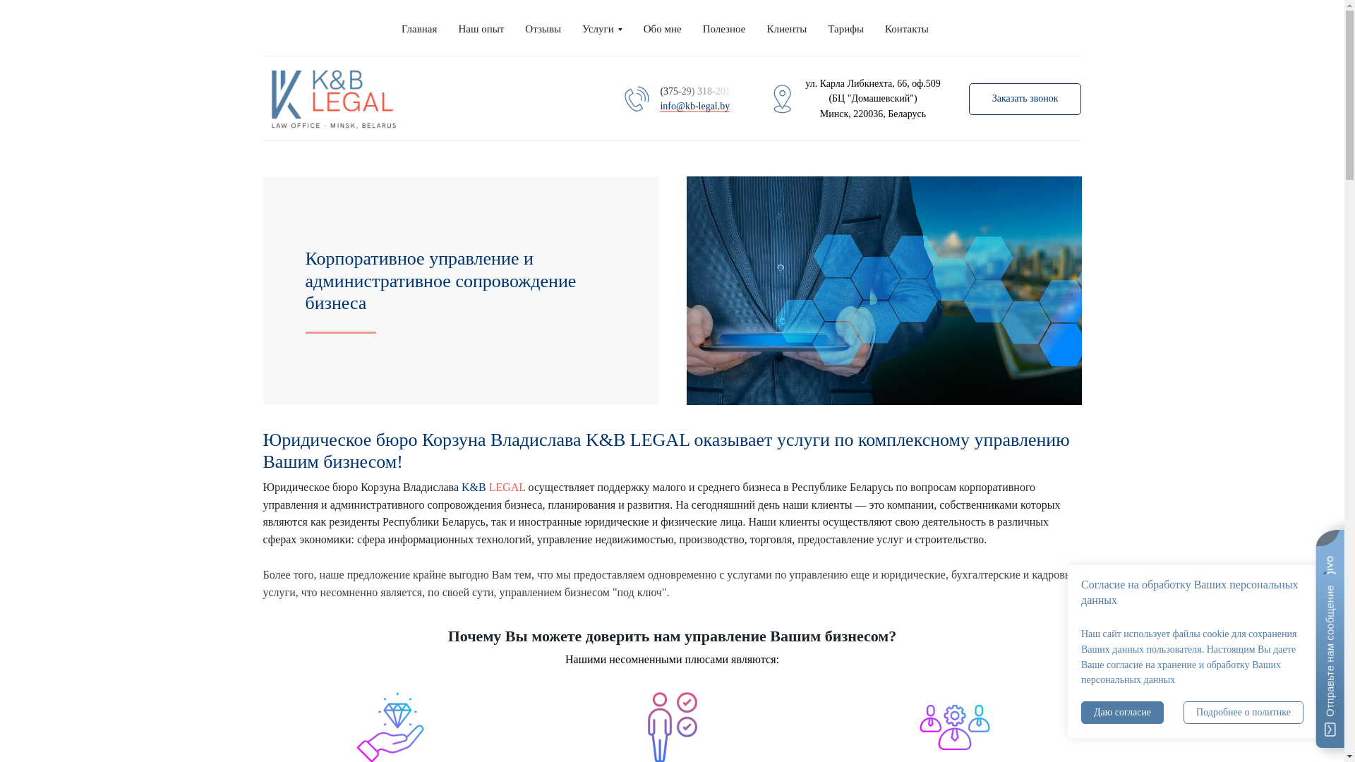 The height and width of the screenshot is (762, 1355). I want to click on '(375-29) 318-201-', so click(699, 91).